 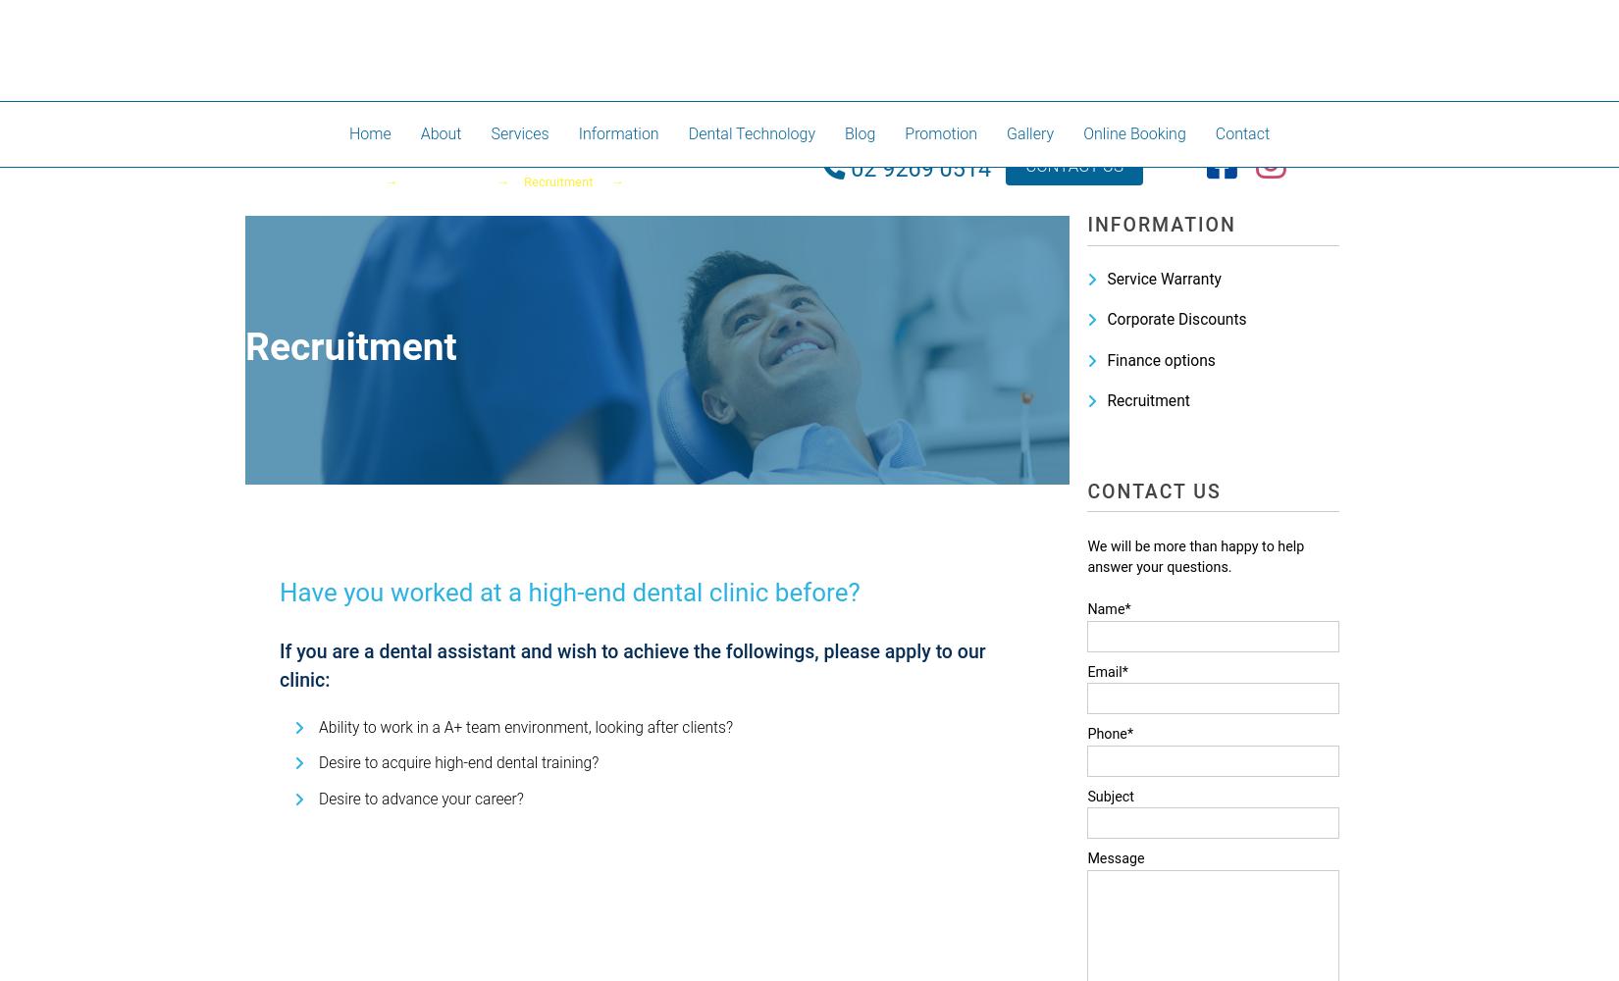 I want to click on 'Email*', so click(x=1086, y=671).